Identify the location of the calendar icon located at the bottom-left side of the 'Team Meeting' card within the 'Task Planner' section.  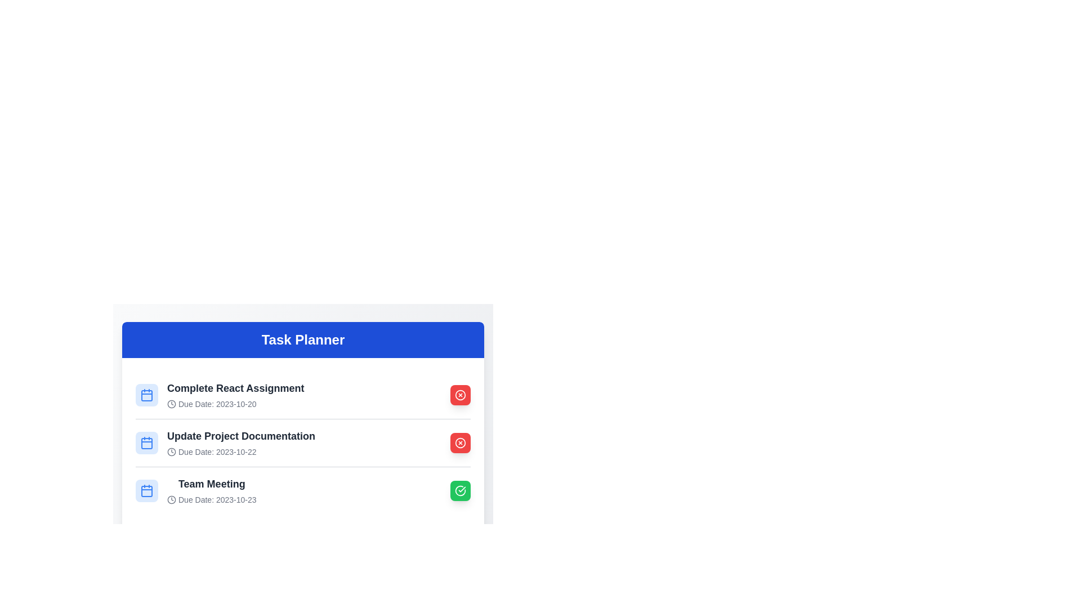
(146, 490).